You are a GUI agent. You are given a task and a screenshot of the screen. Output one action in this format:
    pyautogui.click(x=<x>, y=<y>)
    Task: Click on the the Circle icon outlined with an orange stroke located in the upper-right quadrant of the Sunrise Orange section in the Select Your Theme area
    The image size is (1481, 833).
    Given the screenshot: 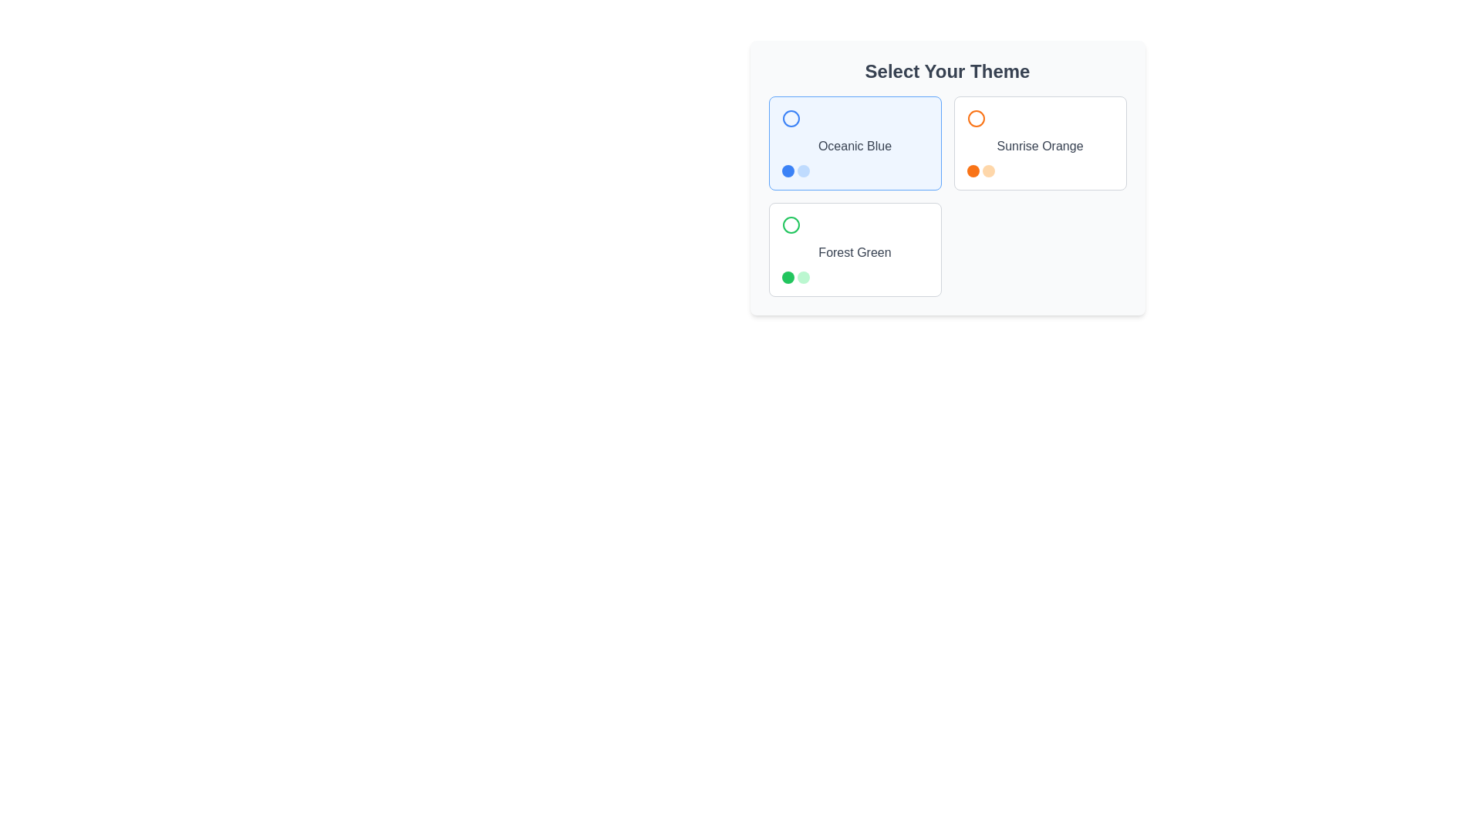 What is the action you would take?
    pyautogui.click(x=975, y=118)
    